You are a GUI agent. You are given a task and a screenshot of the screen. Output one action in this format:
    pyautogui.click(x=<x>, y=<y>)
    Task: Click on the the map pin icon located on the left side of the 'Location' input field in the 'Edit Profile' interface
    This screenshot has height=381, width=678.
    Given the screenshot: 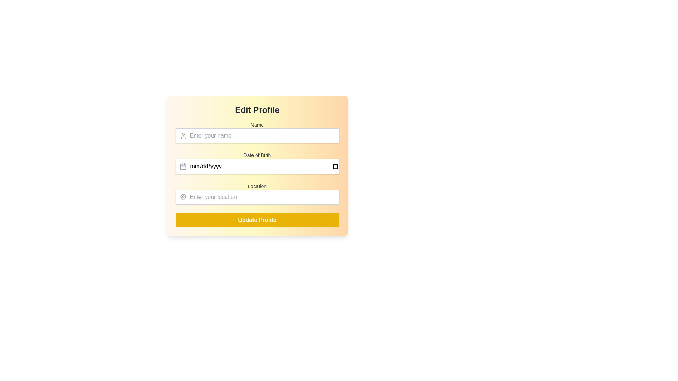 What is the action you would take?
    pyautogui.click(x=183, y=197)
    